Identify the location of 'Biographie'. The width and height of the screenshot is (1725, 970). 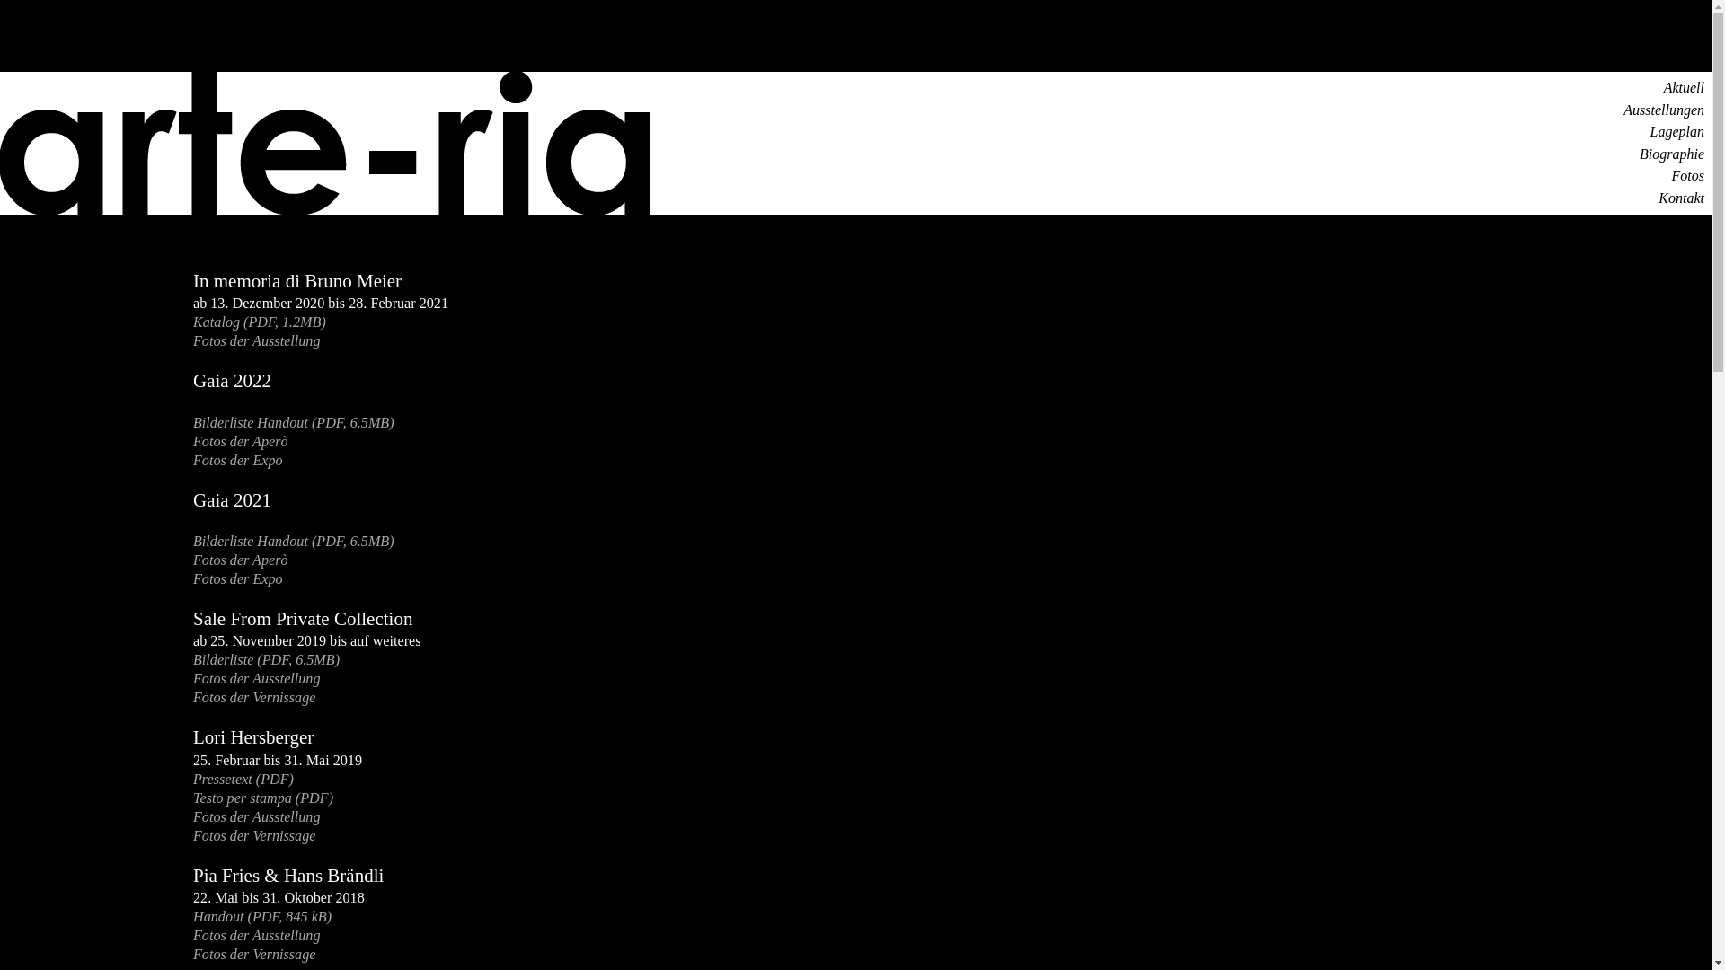
(1671, 153).